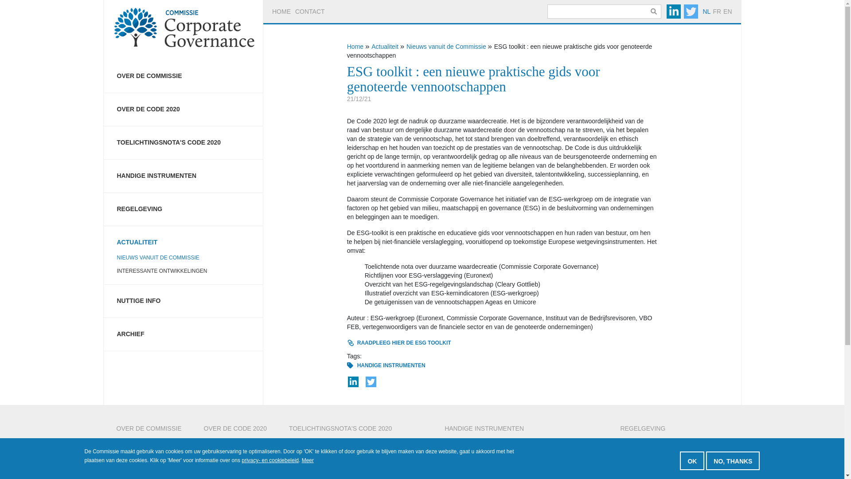 Image resolution: width=851 pixels, height=479 pixels. What do you see at coordinates (706, 460) in the screenshot?
I see `'NO, THANKS'` at bounding box center [706, 460].